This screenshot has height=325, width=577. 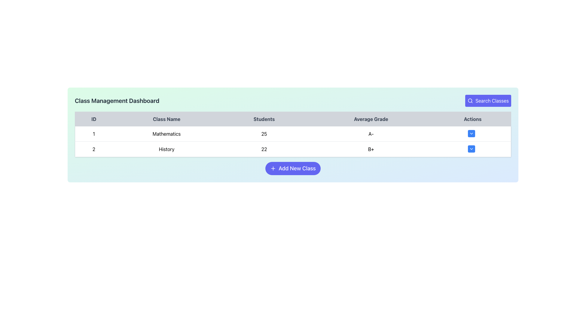 I want to click on numerical text '22' displayed in black within the 'Students' column of the second row in the 'Class Management Dashboard' table, associated with the 'History' class, so click(x=264, y=149).